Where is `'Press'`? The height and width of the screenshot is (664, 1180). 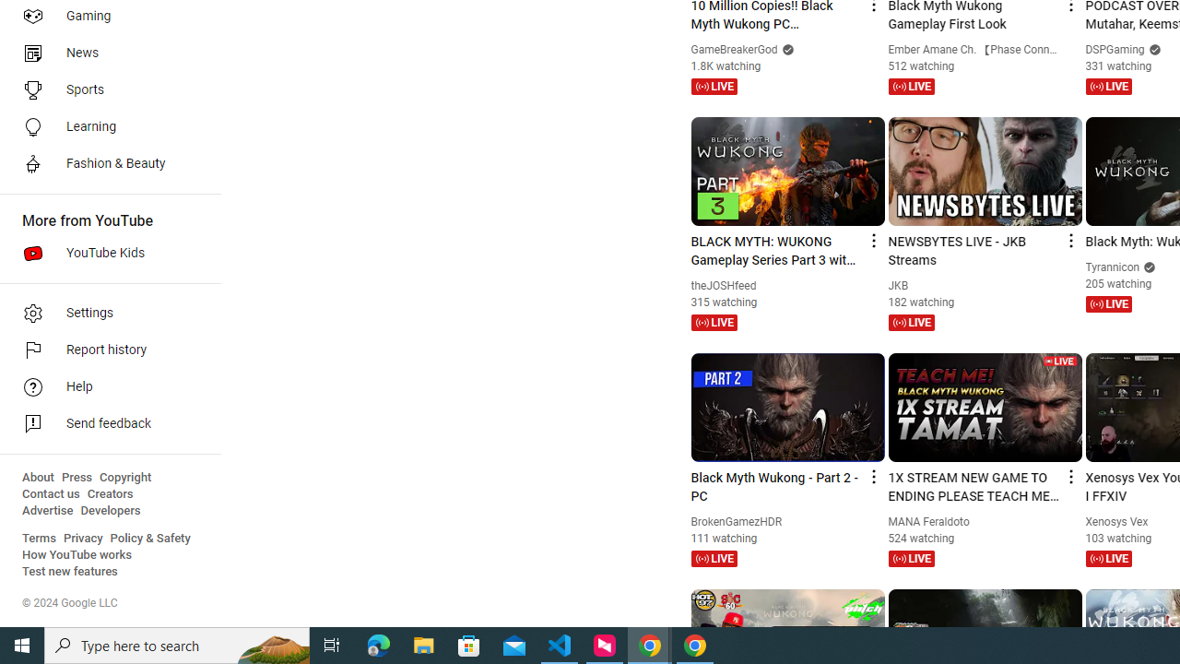
'Press' is located at coordinates (76, 477).